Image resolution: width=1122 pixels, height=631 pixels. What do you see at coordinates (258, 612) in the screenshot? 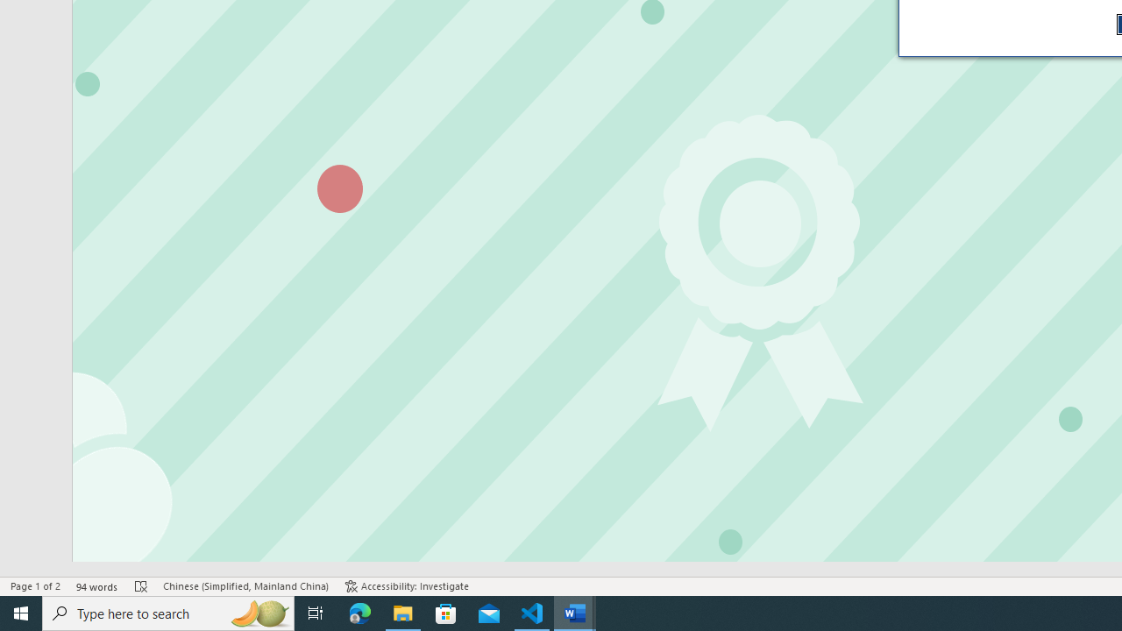
I see `'Search highlights icon opens search home window'` at bounding box center [258, 612].